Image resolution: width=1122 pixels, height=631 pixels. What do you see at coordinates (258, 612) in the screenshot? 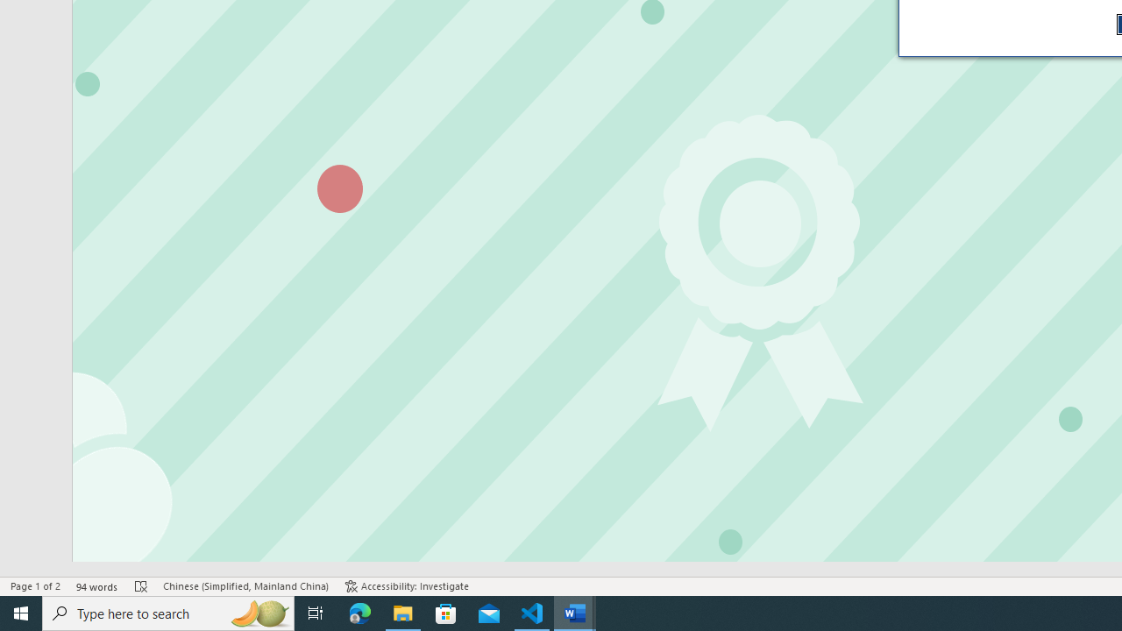
I see `'Search highlights icon opens search home window'` at bounding box center [258, 612].